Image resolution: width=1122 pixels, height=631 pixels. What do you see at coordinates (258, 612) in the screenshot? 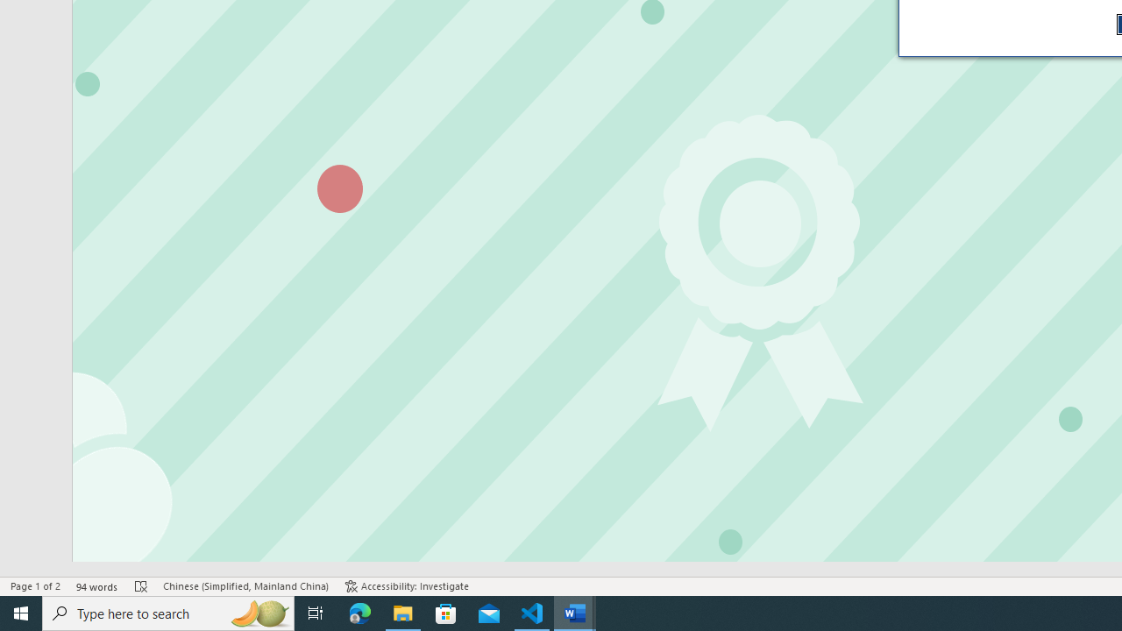
I see `'Search highlights icon opens search home window'` at bounding box center [258, 612].